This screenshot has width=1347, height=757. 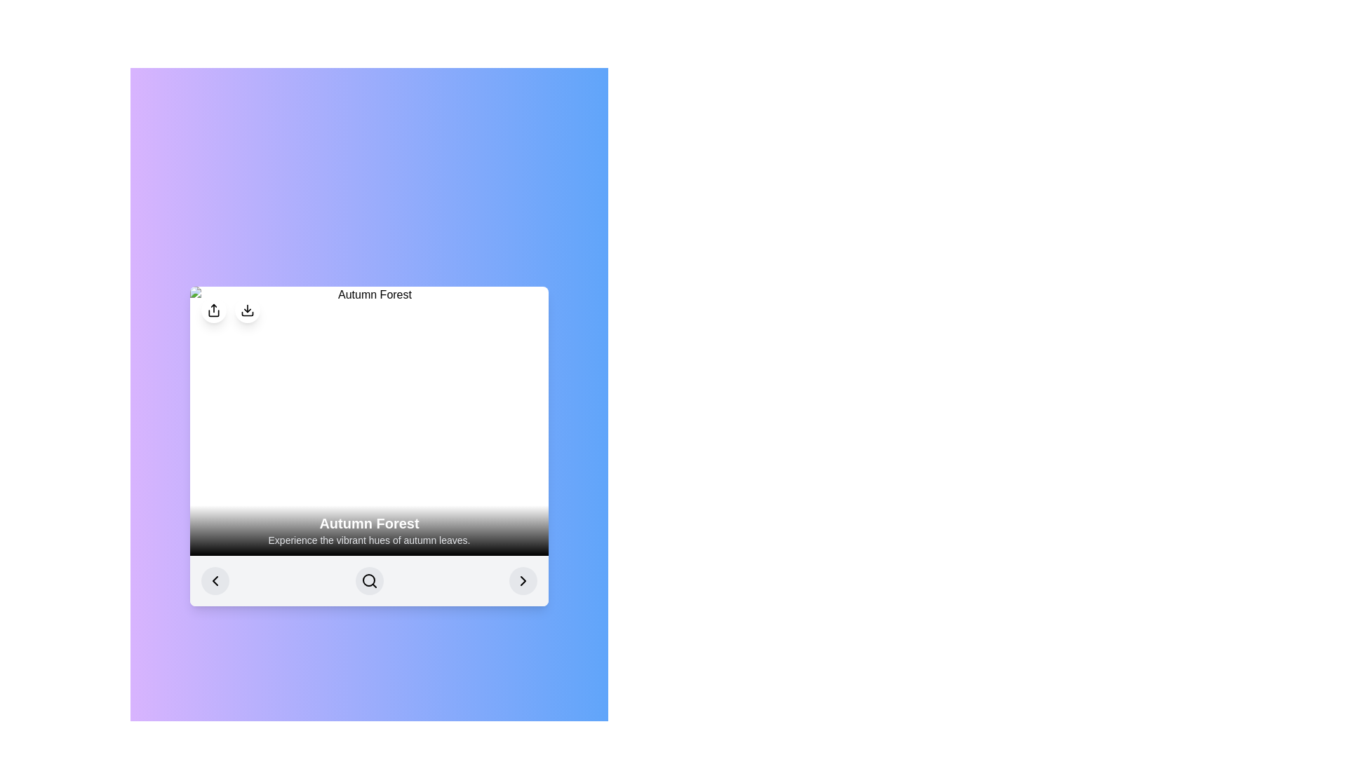 I want to click on the navigation button located in the lower-left portion of the interface, so click(x=215, y=581).